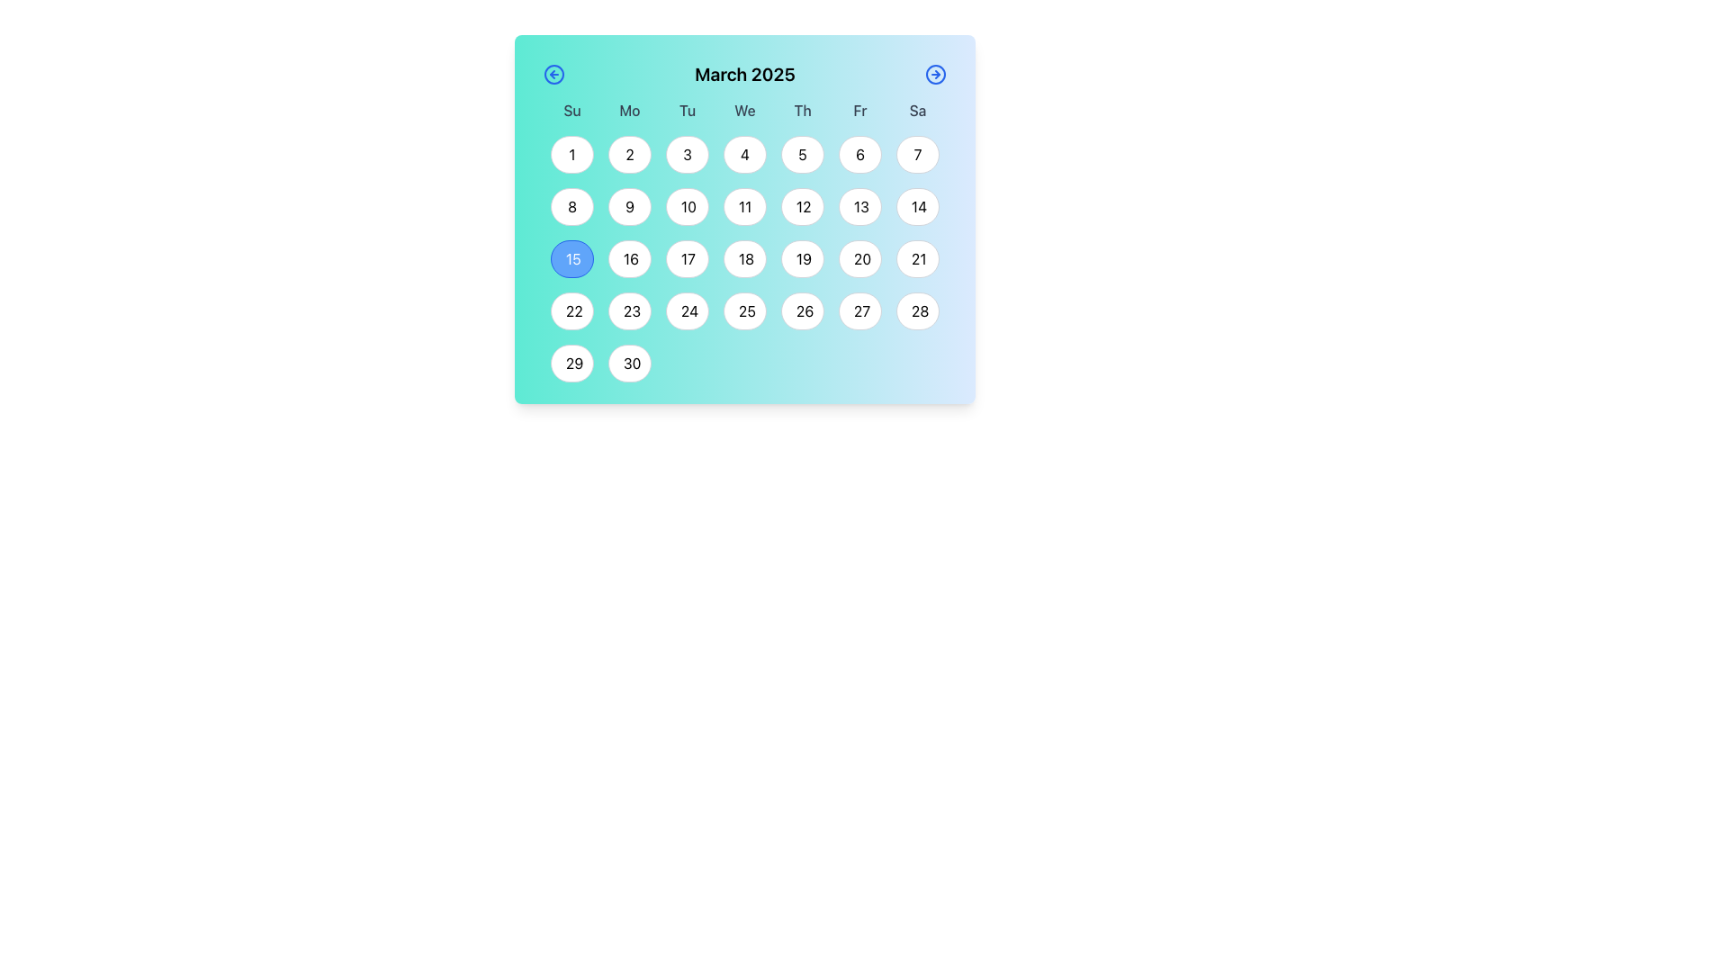 The width and height of the screenshot is (1728, 972). Describe the element at coordinates (630, 154) in the screenshot. I see `the circular button displaying the number '2' located under 'Mo' in the calendar grid` at that location.